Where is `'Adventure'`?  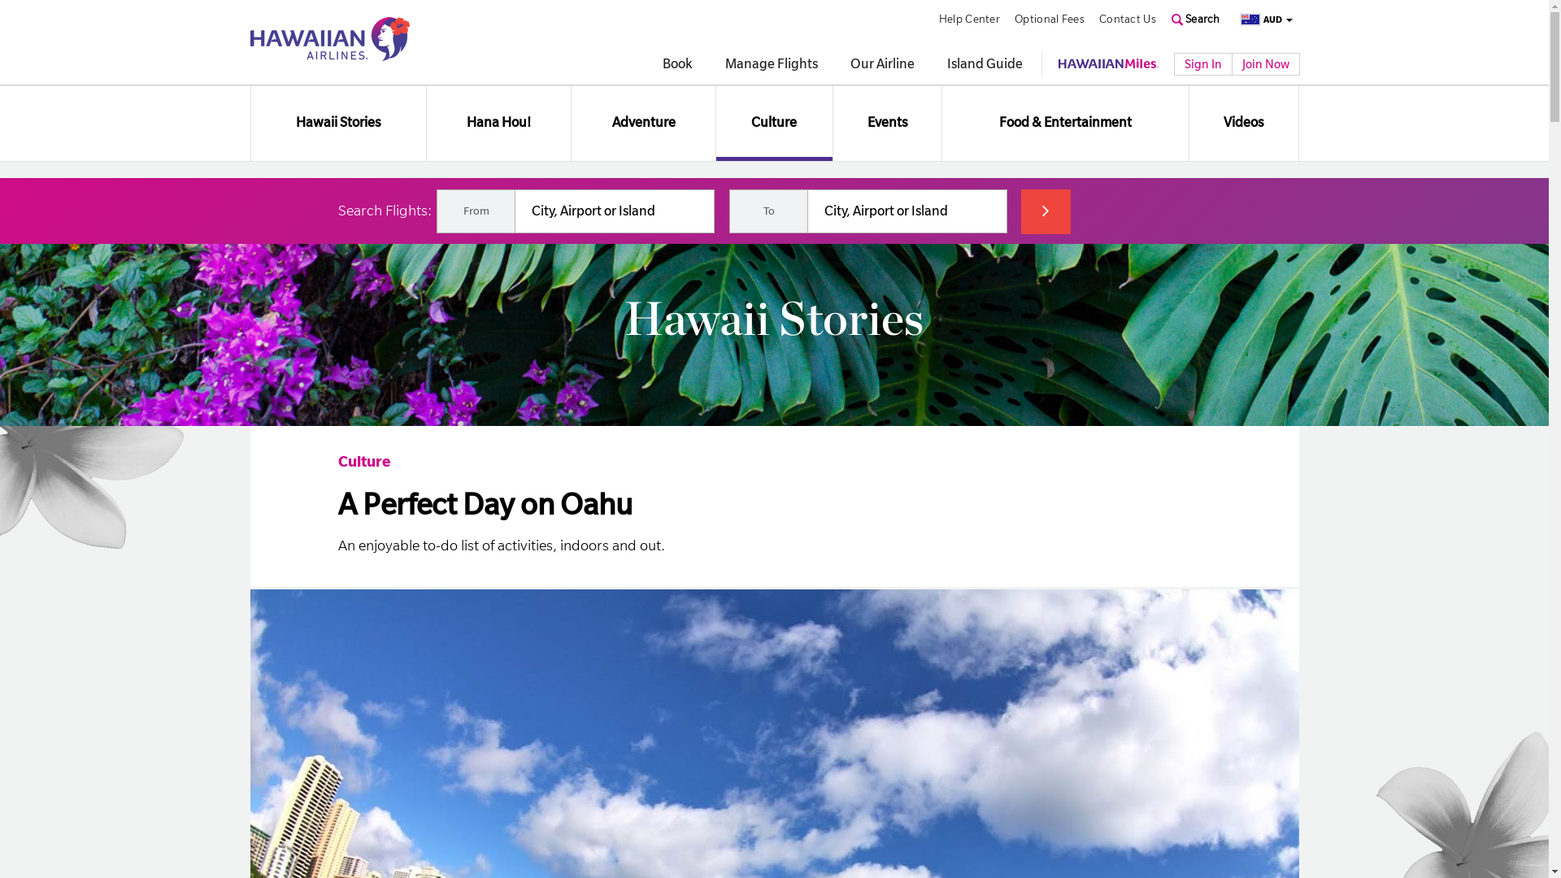
'Adventure' is located at coordinates (642, 122).